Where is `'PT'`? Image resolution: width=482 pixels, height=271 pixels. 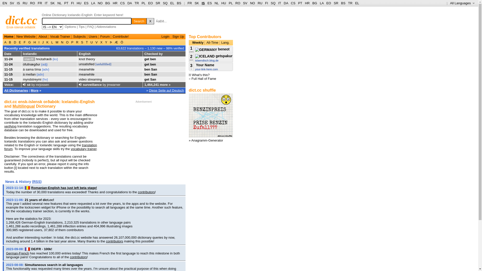 'PT' is located at coordinates (66, 3).